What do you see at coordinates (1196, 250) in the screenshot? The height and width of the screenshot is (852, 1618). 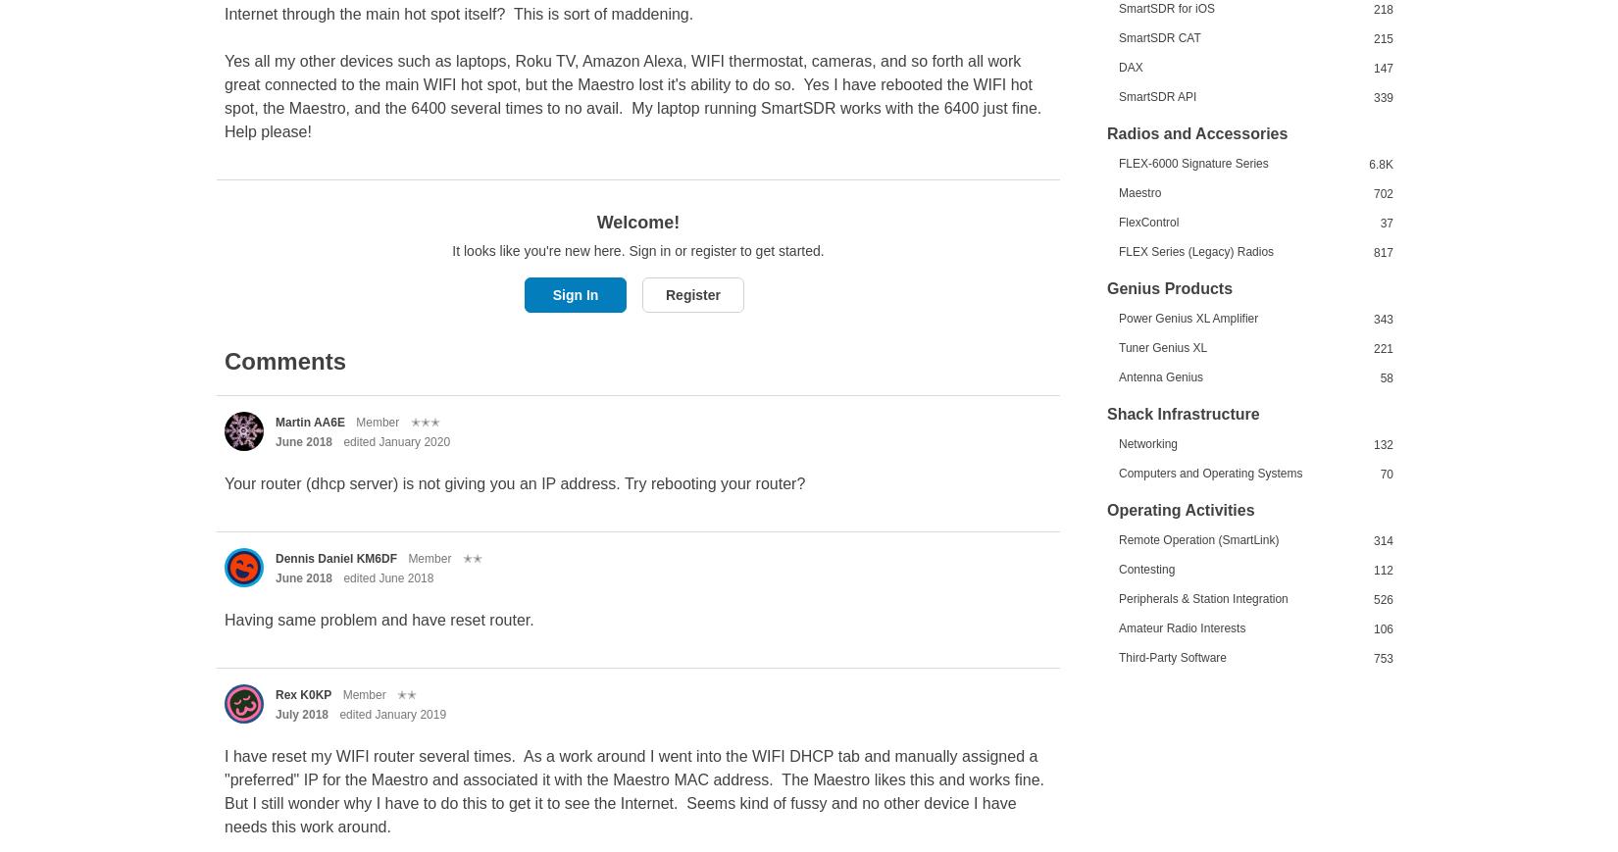 I see `'FLEX Series (Legacy) Radios'` at bounding box center [1196, 250].